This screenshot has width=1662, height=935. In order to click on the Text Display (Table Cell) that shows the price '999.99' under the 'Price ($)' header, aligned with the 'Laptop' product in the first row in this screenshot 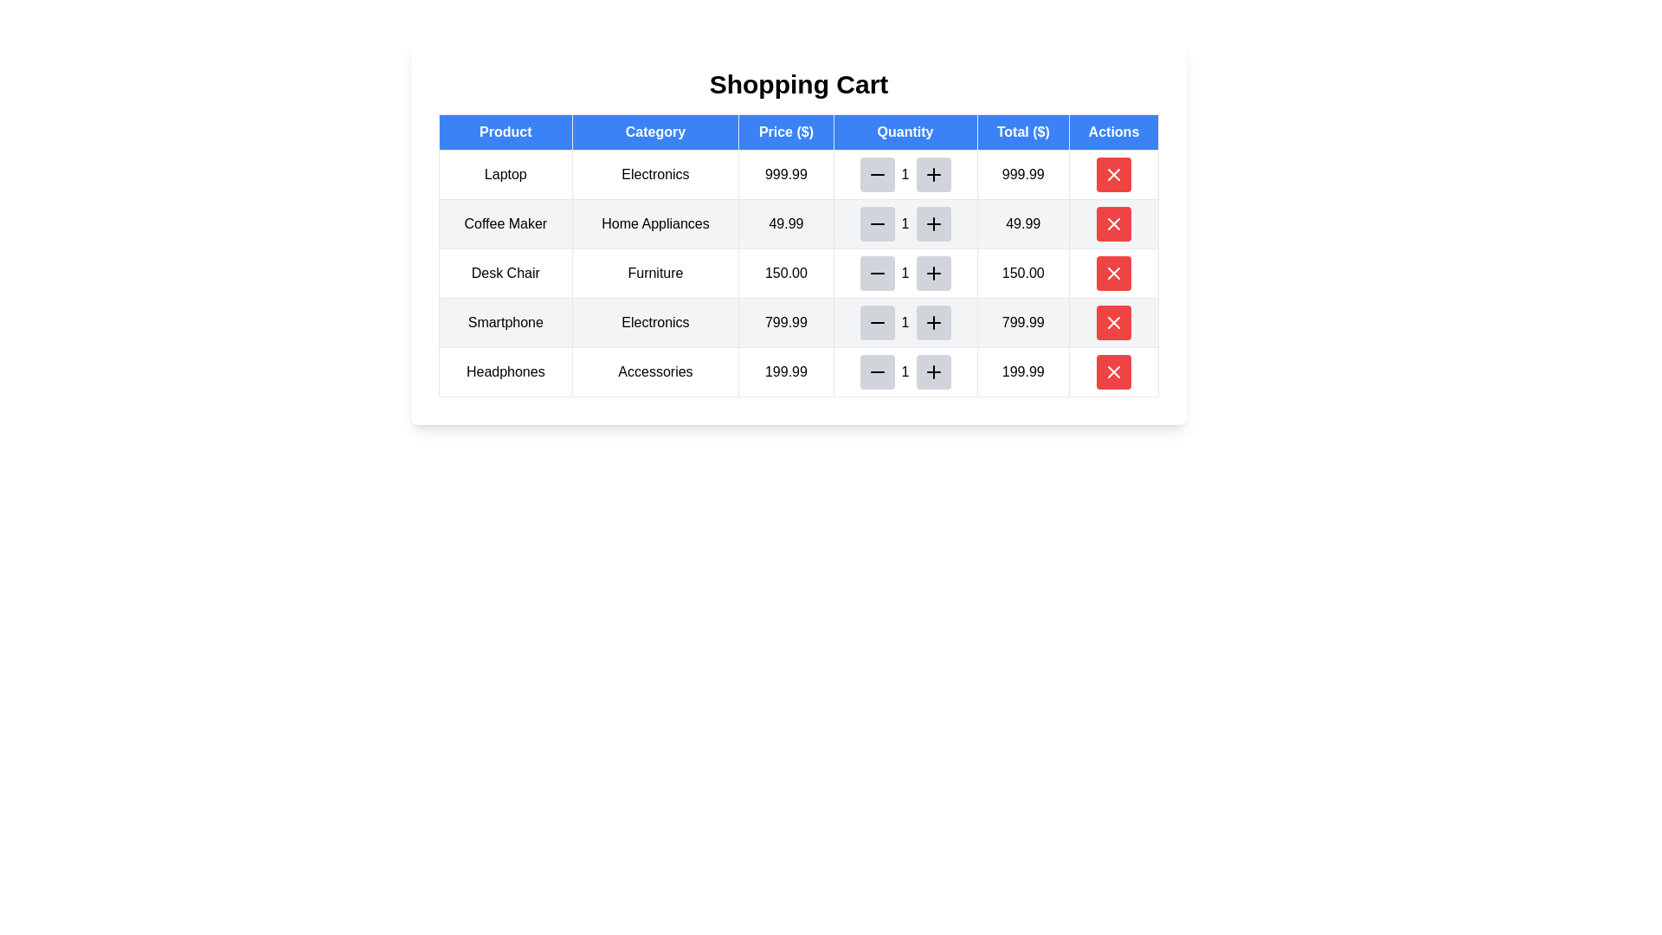, I will do `click(785, 174)`.